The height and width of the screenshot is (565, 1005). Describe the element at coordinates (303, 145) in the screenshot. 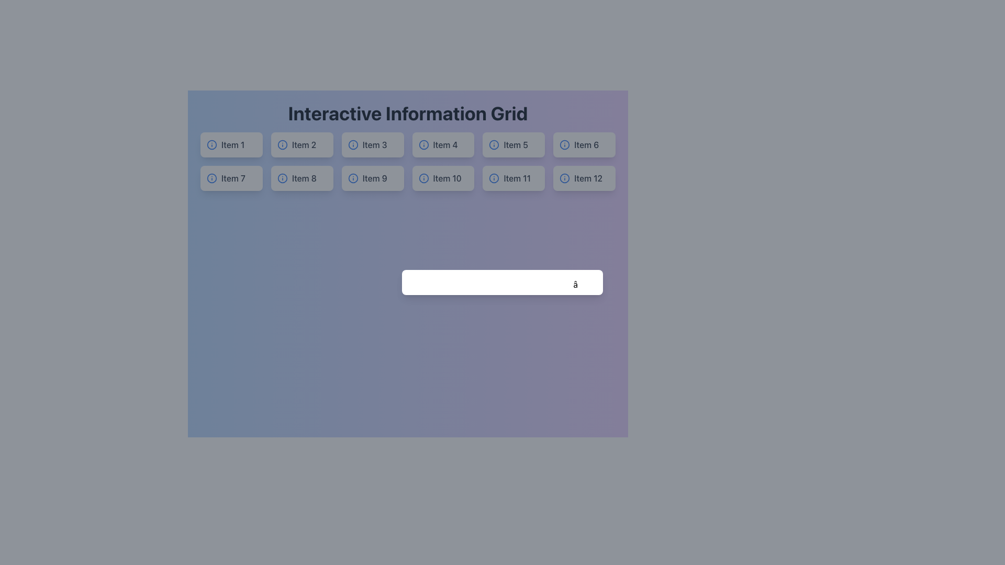

I see `the text label displaying 'Item 2' styled with 'text-gray-700 font-medium' located in the 'Interactive Information Grid', to the right of the blue info icon` at that location.